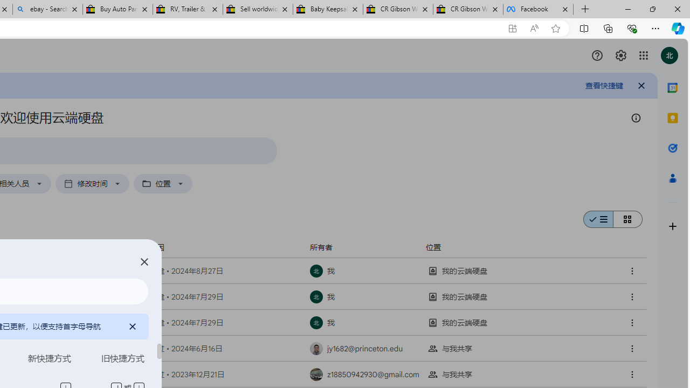 This screenshot has width=690, height=388. Describe the element at coordinates (539, 9) in the screenshot. I see `'Facebook'` at that location.